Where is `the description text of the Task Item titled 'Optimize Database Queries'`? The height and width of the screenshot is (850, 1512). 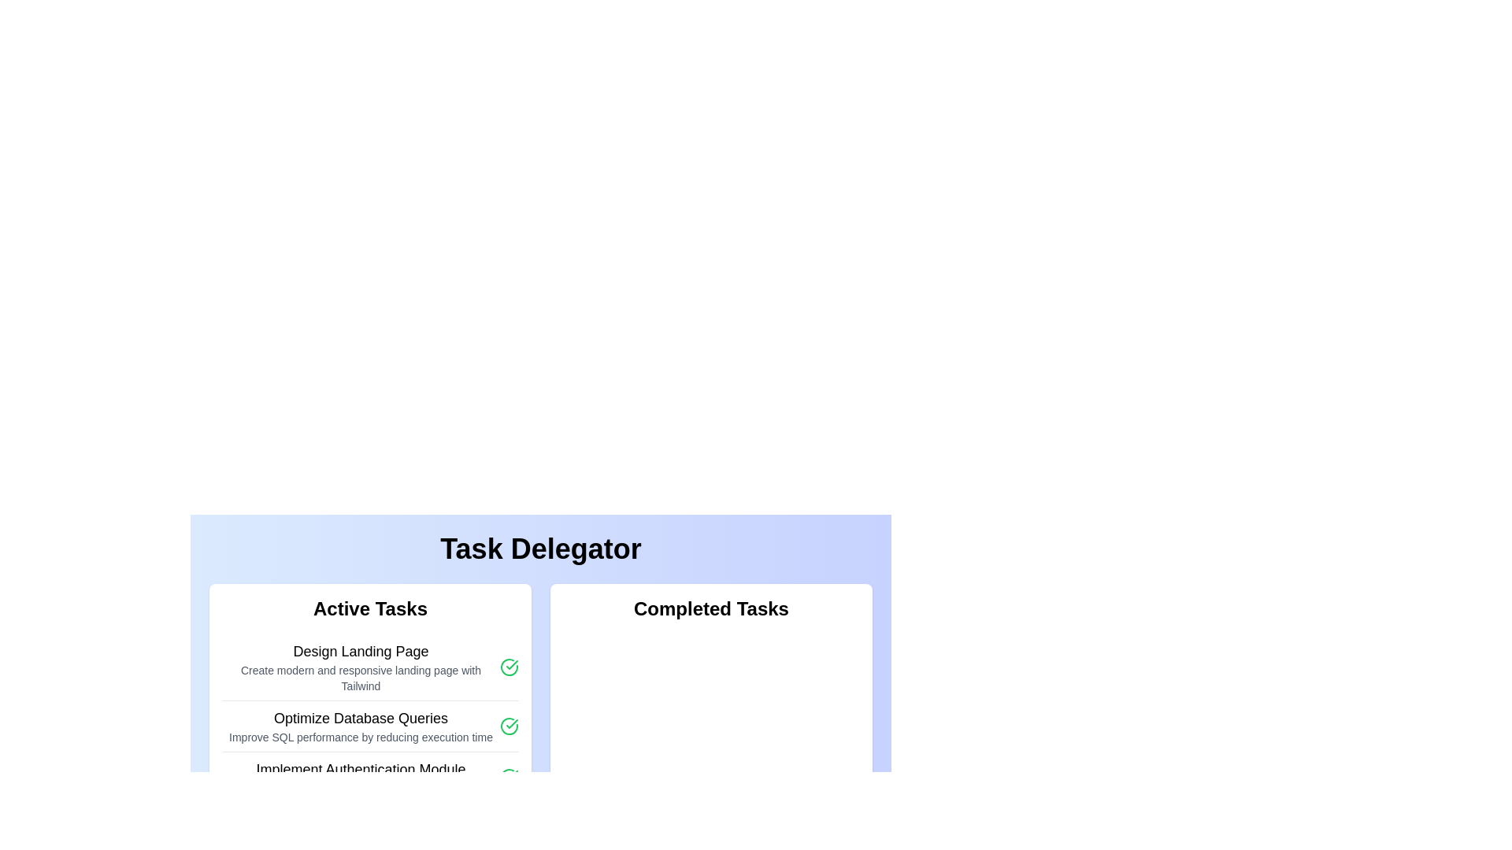 the description text of the Task Item titled 'Optimize Database Queries' is located at coordinates (369, 726).